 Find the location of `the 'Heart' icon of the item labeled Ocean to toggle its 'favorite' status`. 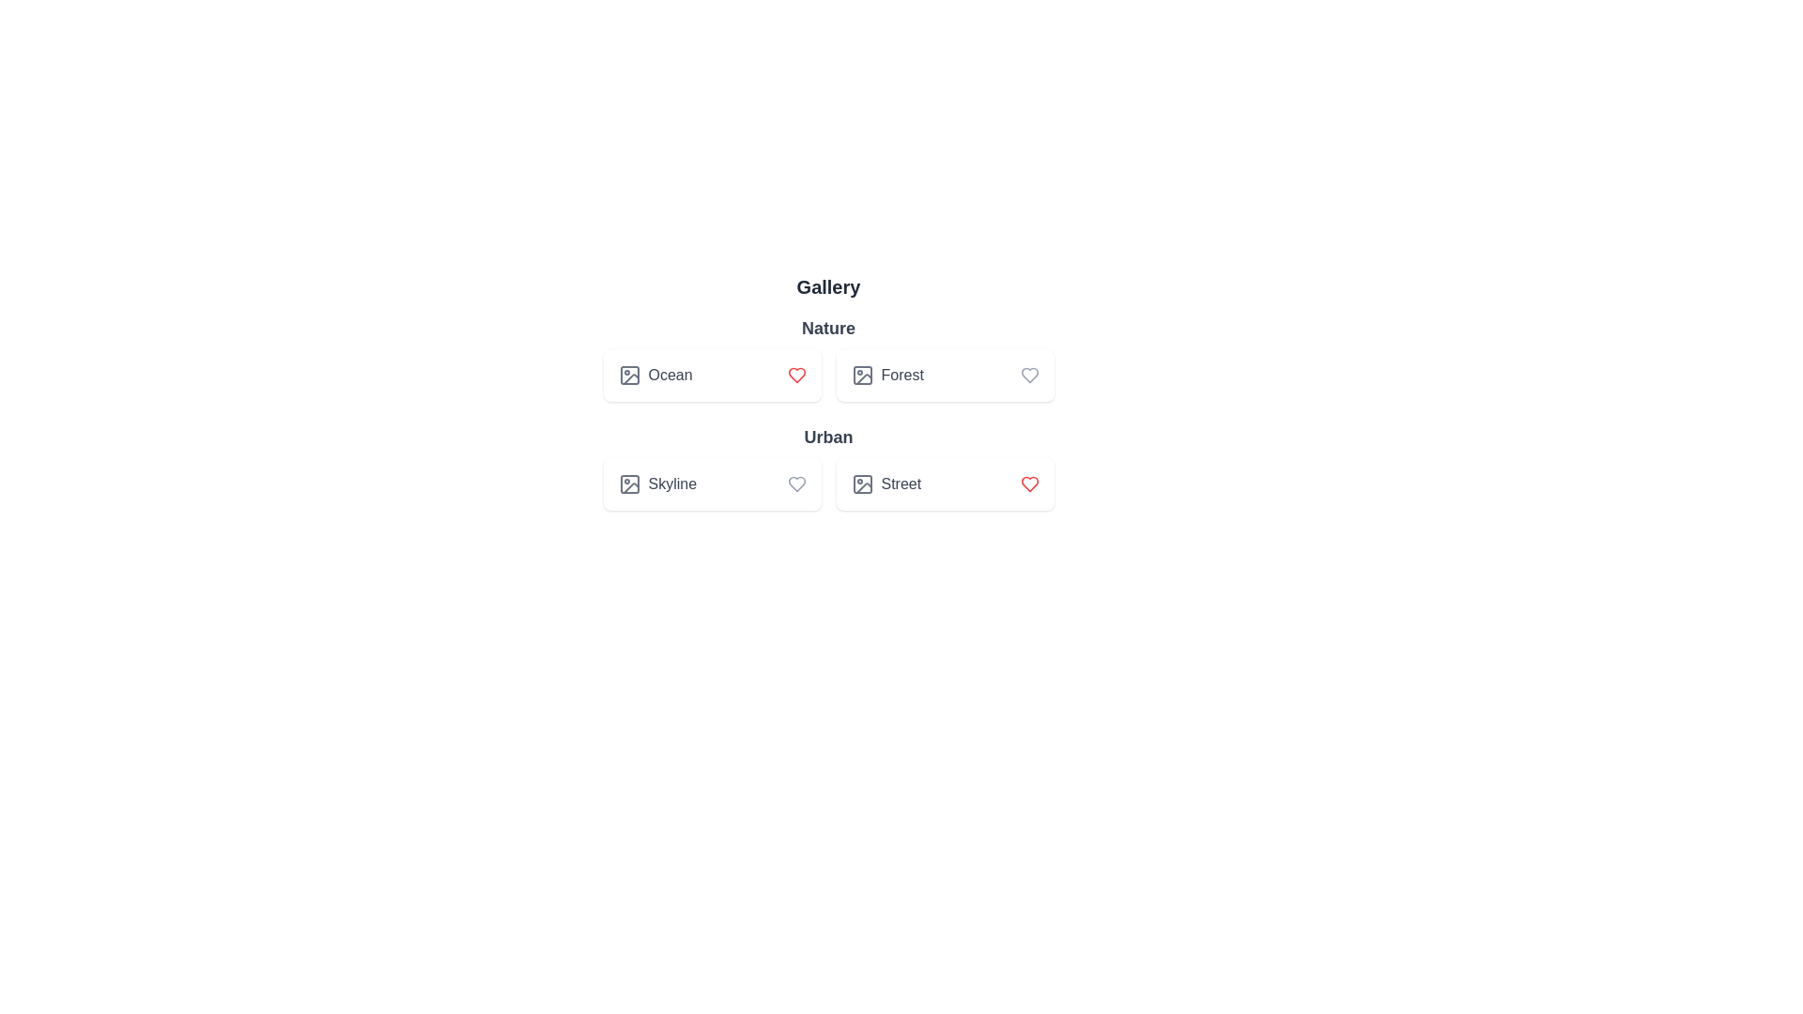

the 'Heart' icon of the item labeled Ocean to toggle its 'favorite' status is located at coordinates (796, 376).